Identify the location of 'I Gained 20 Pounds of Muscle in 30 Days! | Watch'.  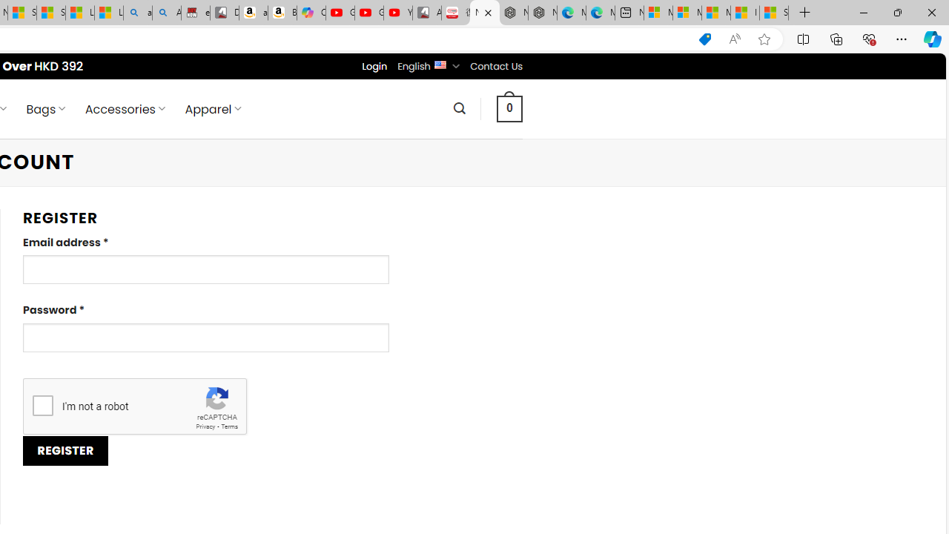
(744, 13).